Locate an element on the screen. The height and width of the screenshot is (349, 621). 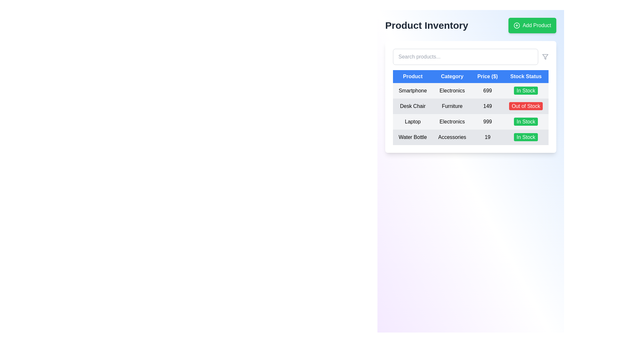
the second row in the 'Product Inventory' table that displays product attributes such as name, category, price, and stock status is located at coordinates (471, 114).